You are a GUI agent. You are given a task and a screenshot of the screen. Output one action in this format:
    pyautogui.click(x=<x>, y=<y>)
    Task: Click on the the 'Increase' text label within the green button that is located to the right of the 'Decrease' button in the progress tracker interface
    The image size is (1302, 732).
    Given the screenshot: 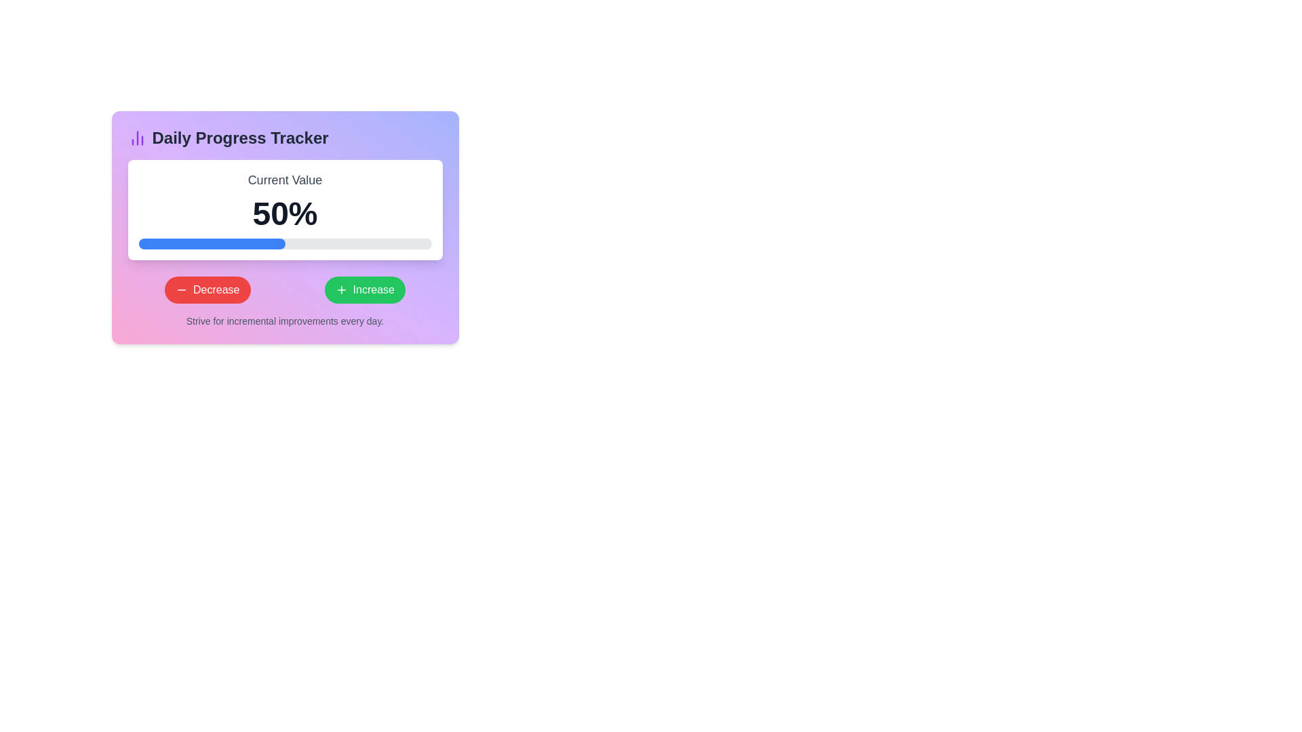 What is the action you would take?
    pyautogui.click(x=374, y=289)
    